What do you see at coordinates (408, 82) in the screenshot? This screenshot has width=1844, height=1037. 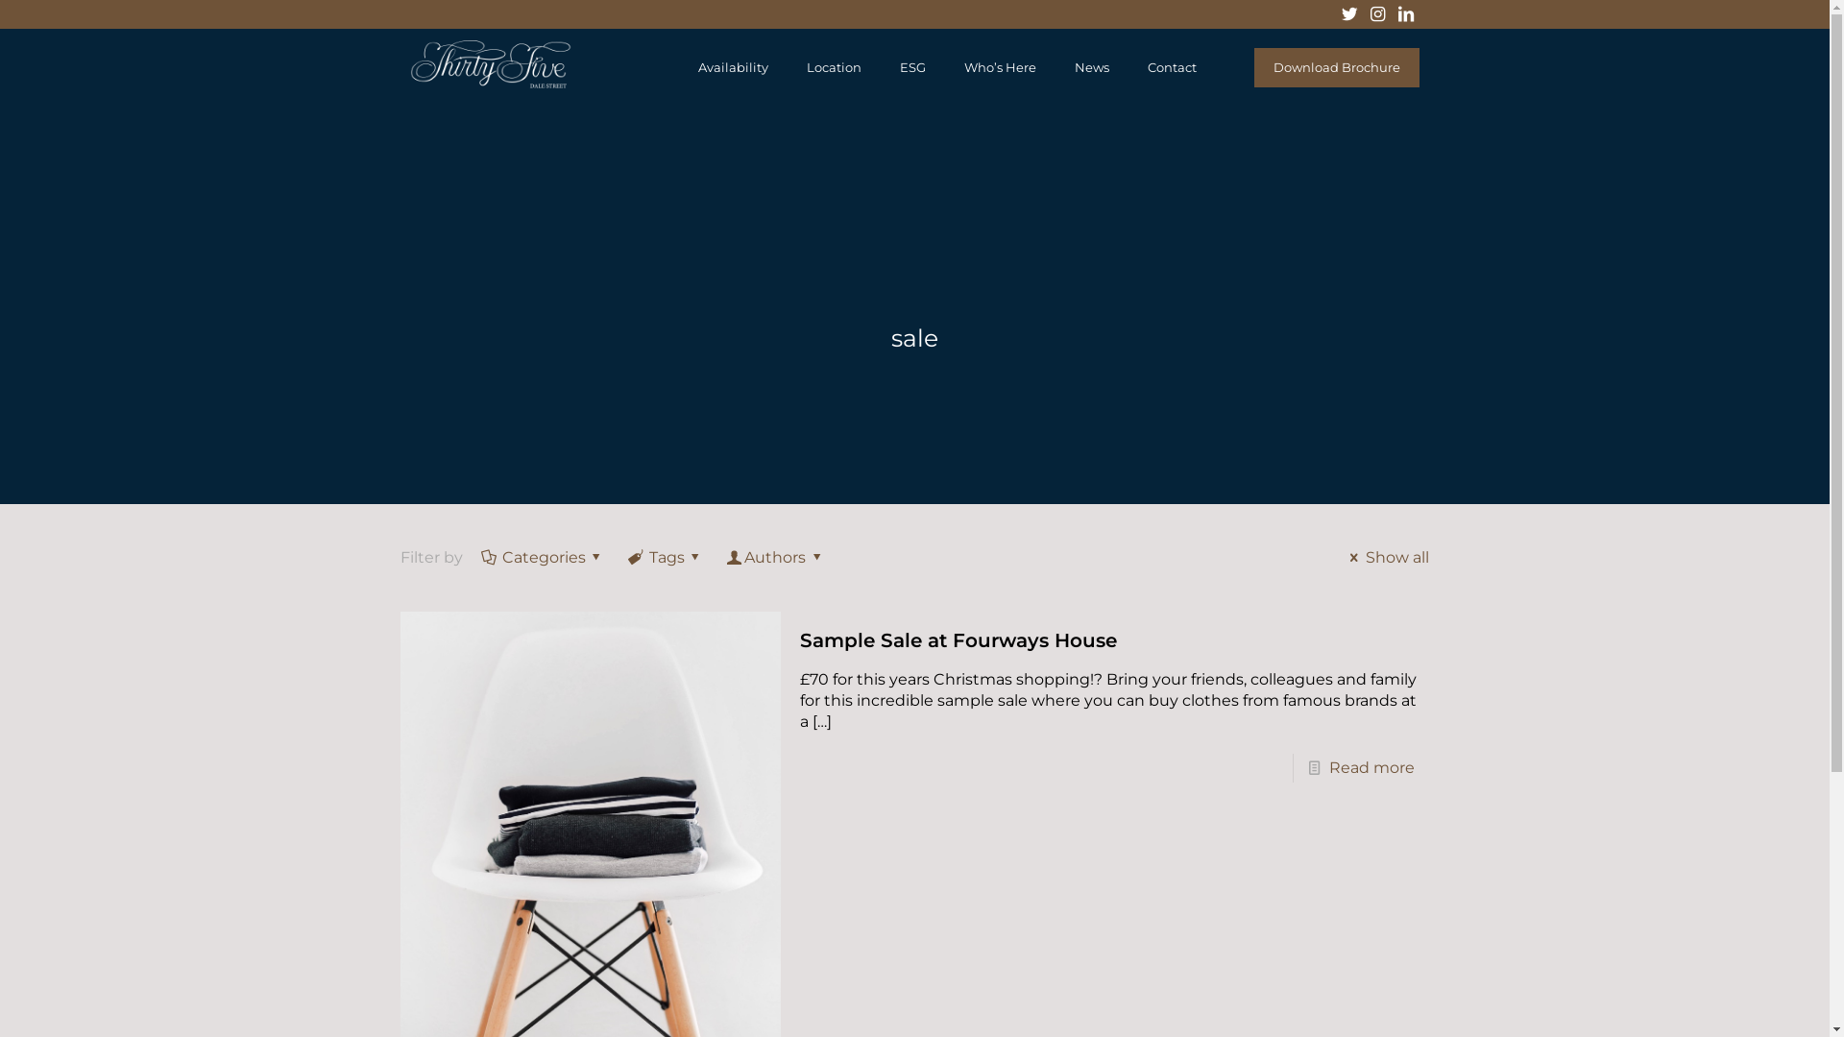 I see `'35 Dale Street'` at bounding box center [408, 82].